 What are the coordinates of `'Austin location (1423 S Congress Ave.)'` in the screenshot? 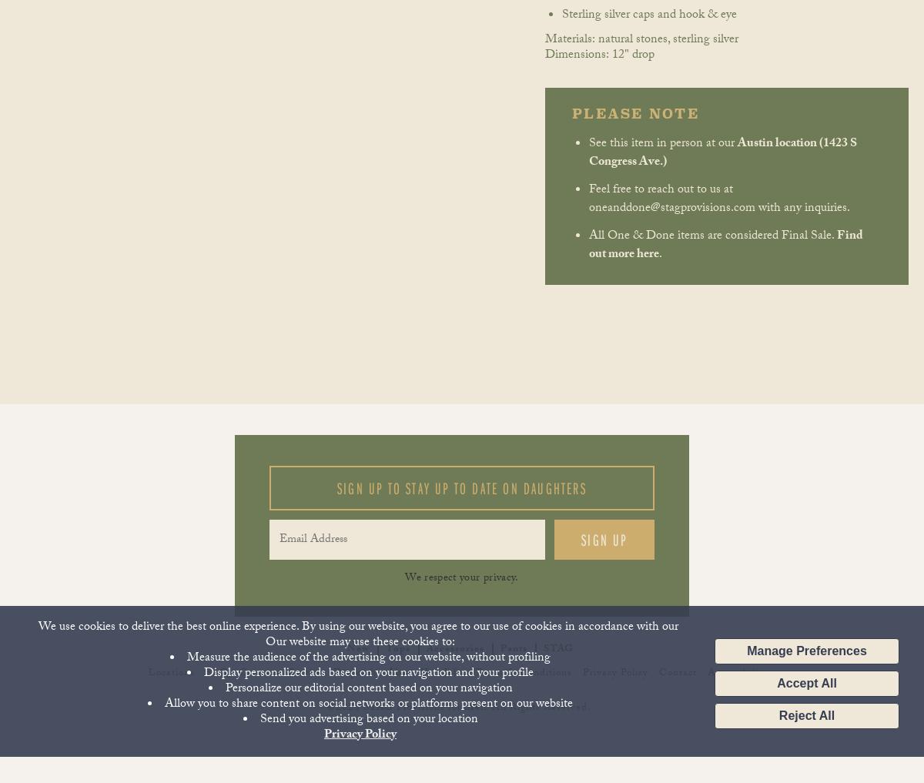 It's located at (722, 152).